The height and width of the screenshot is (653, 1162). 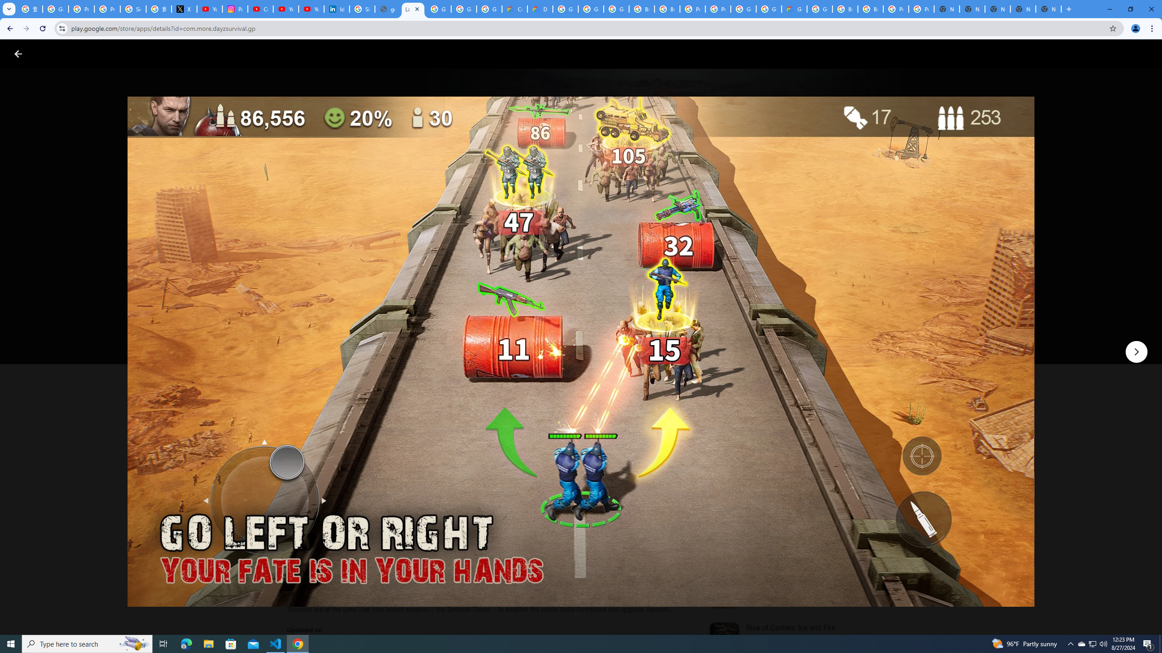 I want to click on 'Google Cloud Platform', so click(x=743, y=9).